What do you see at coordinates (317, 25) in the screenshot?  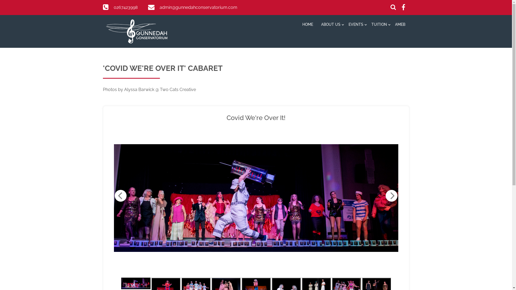 I see `'ABOUT US'` at bounding box center [317, 25].